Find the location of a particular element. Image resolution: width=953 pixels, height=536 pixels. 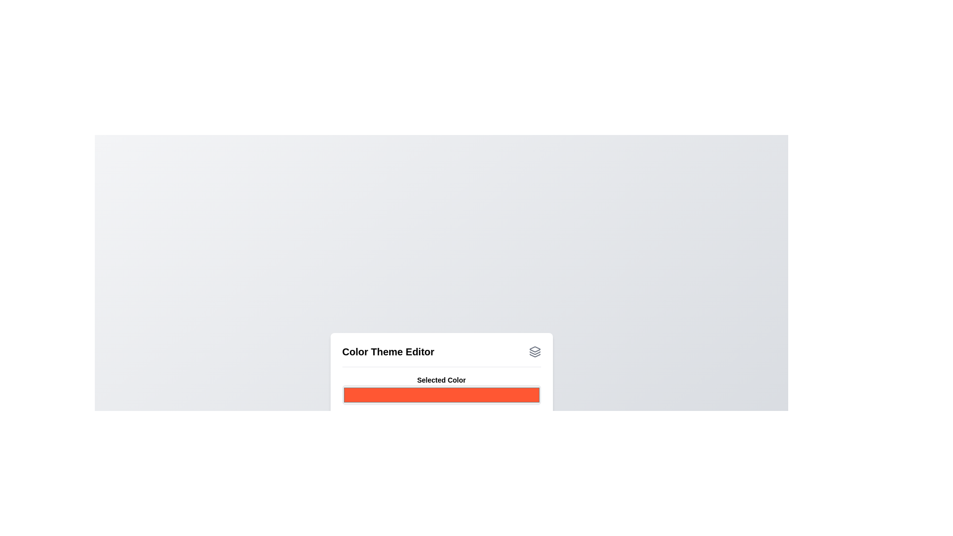

the third and bottom-most icon in the header of the 'Color Theme Editor' card, which resembles a layer or sandwich-like structure is located at coordinates (534, 355).